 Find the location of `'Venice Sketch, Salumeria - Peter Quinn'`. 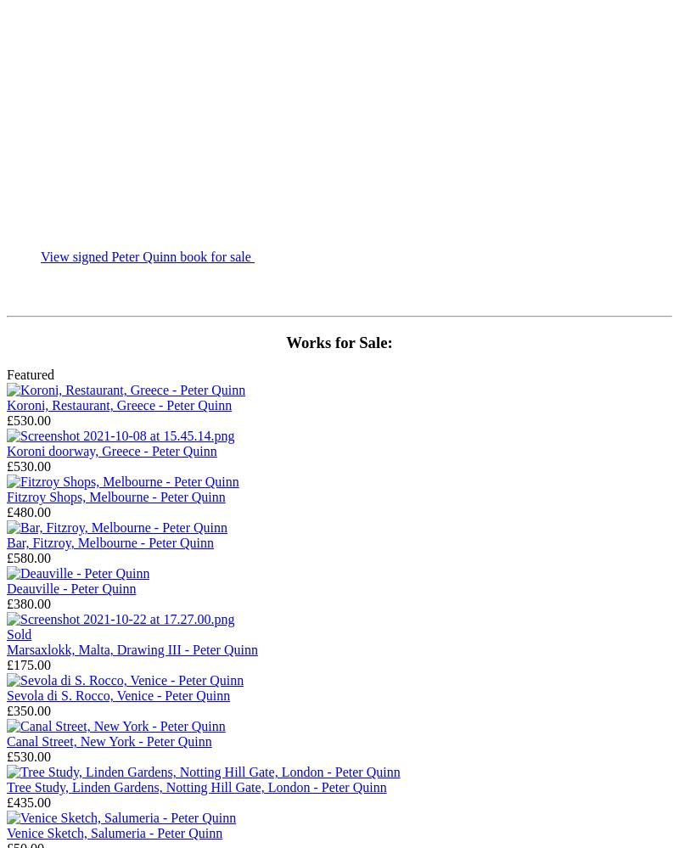

'Venice Sketch, Salumeria - Peter Quinn' is located at coordinates (115, 832).